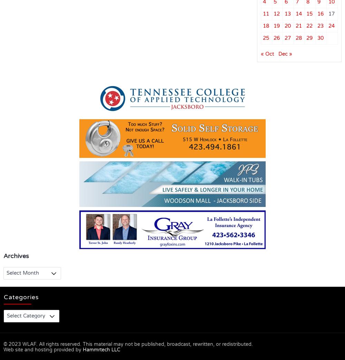  Describe the element at coordinates (278, 54) in the screenshot. I see `'Dec »'` at that location.